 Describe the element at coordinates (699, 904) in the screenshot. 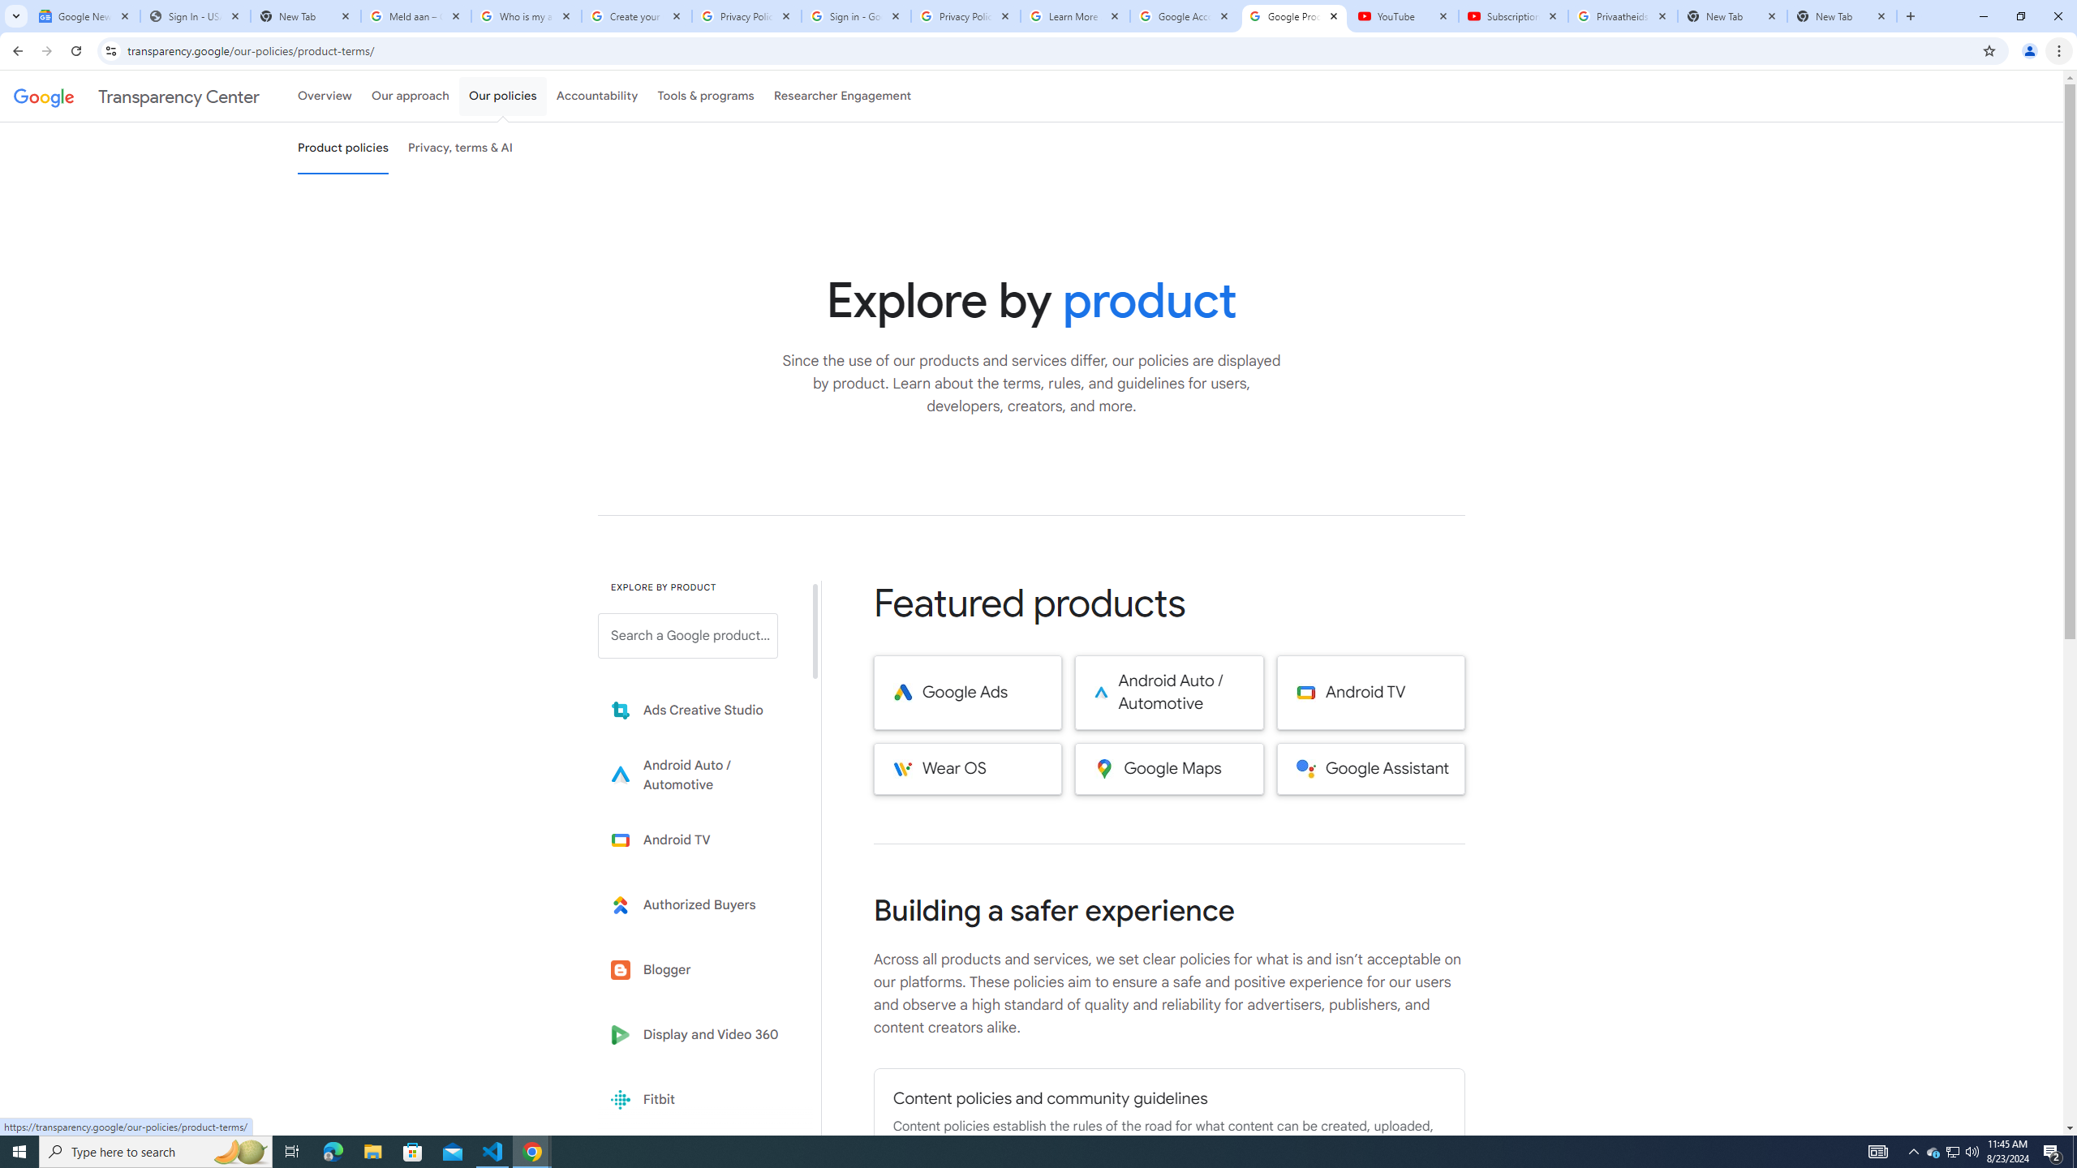

I see `'Learn more about Authorized Buyers'` at that location.